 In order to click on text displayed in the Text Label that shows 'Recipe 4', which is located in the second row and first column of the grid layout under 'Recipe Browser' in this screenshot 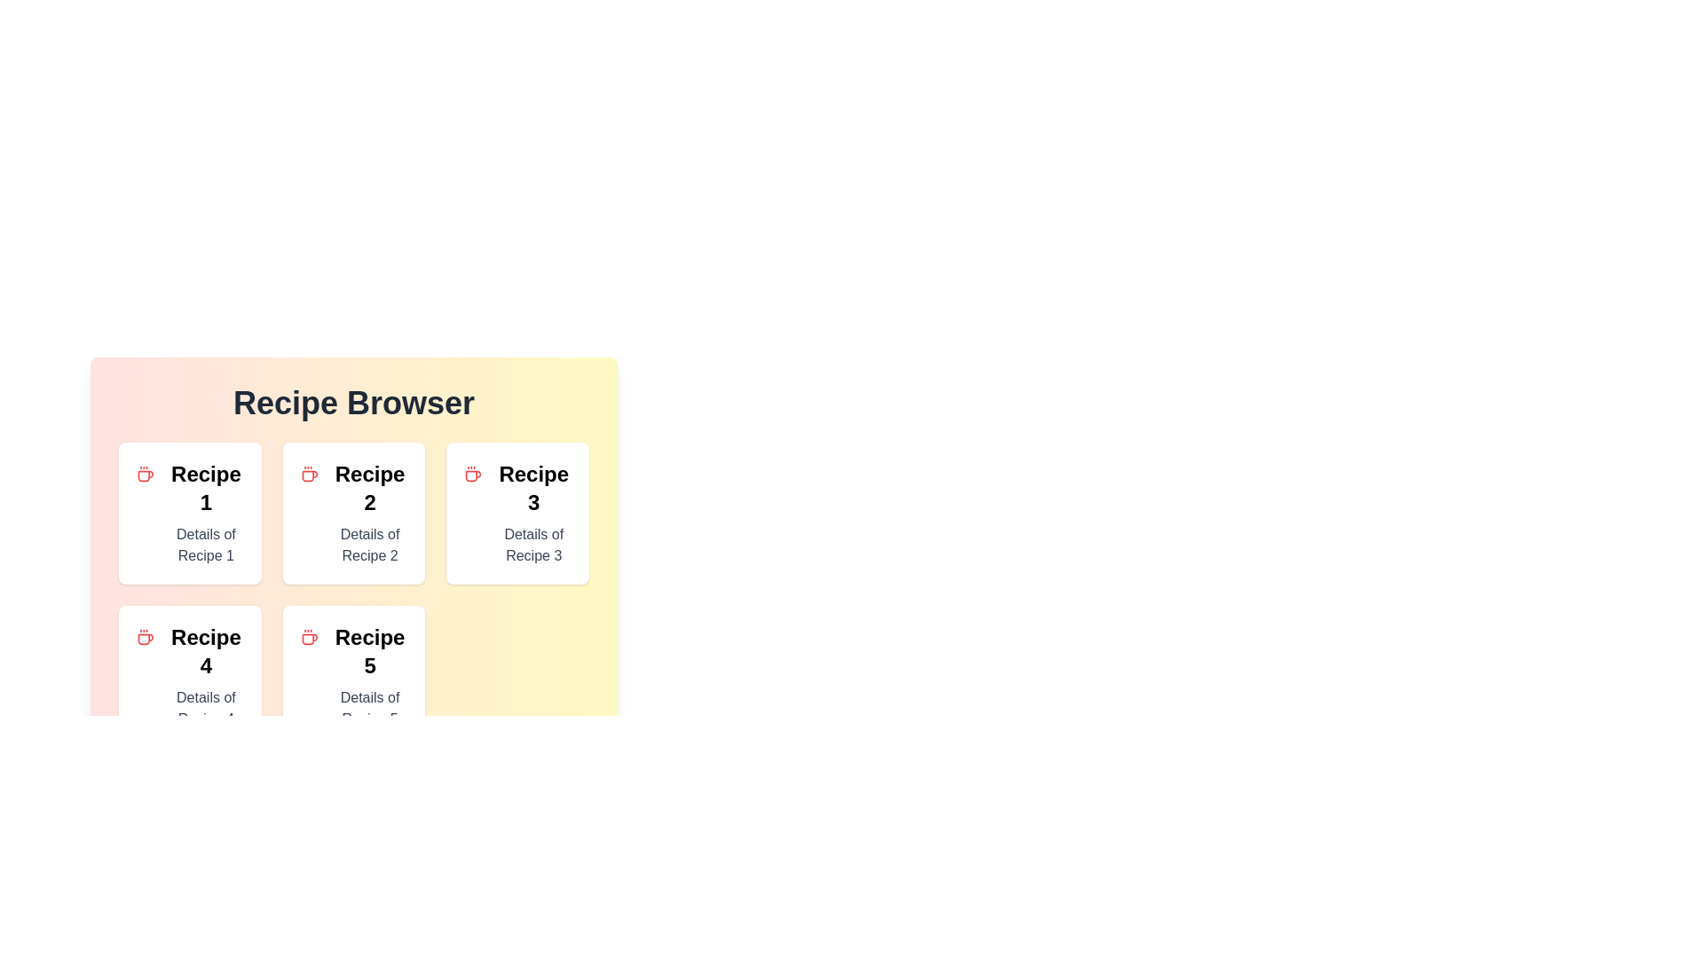, I will do `click(206, 652)`.